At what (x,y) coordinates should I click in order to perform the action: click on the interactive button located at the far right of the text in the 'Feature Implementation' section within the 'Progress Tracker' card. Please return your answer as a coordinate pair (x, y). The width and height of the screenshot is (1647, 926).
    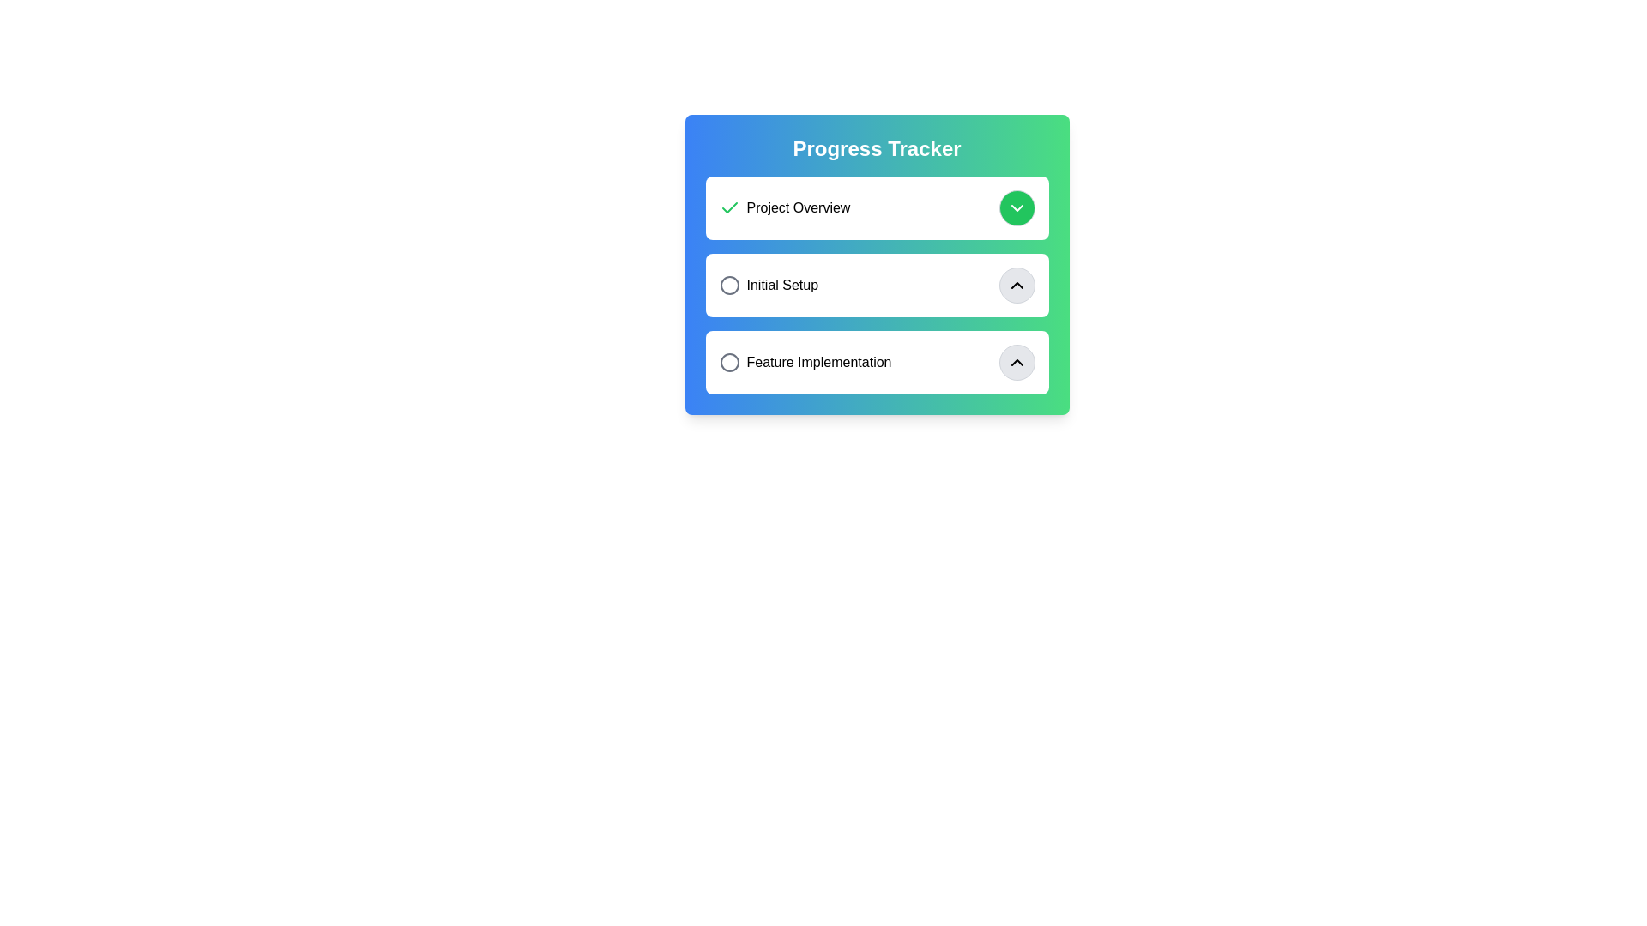
    Looking at the image, I should click on (1017, 362).